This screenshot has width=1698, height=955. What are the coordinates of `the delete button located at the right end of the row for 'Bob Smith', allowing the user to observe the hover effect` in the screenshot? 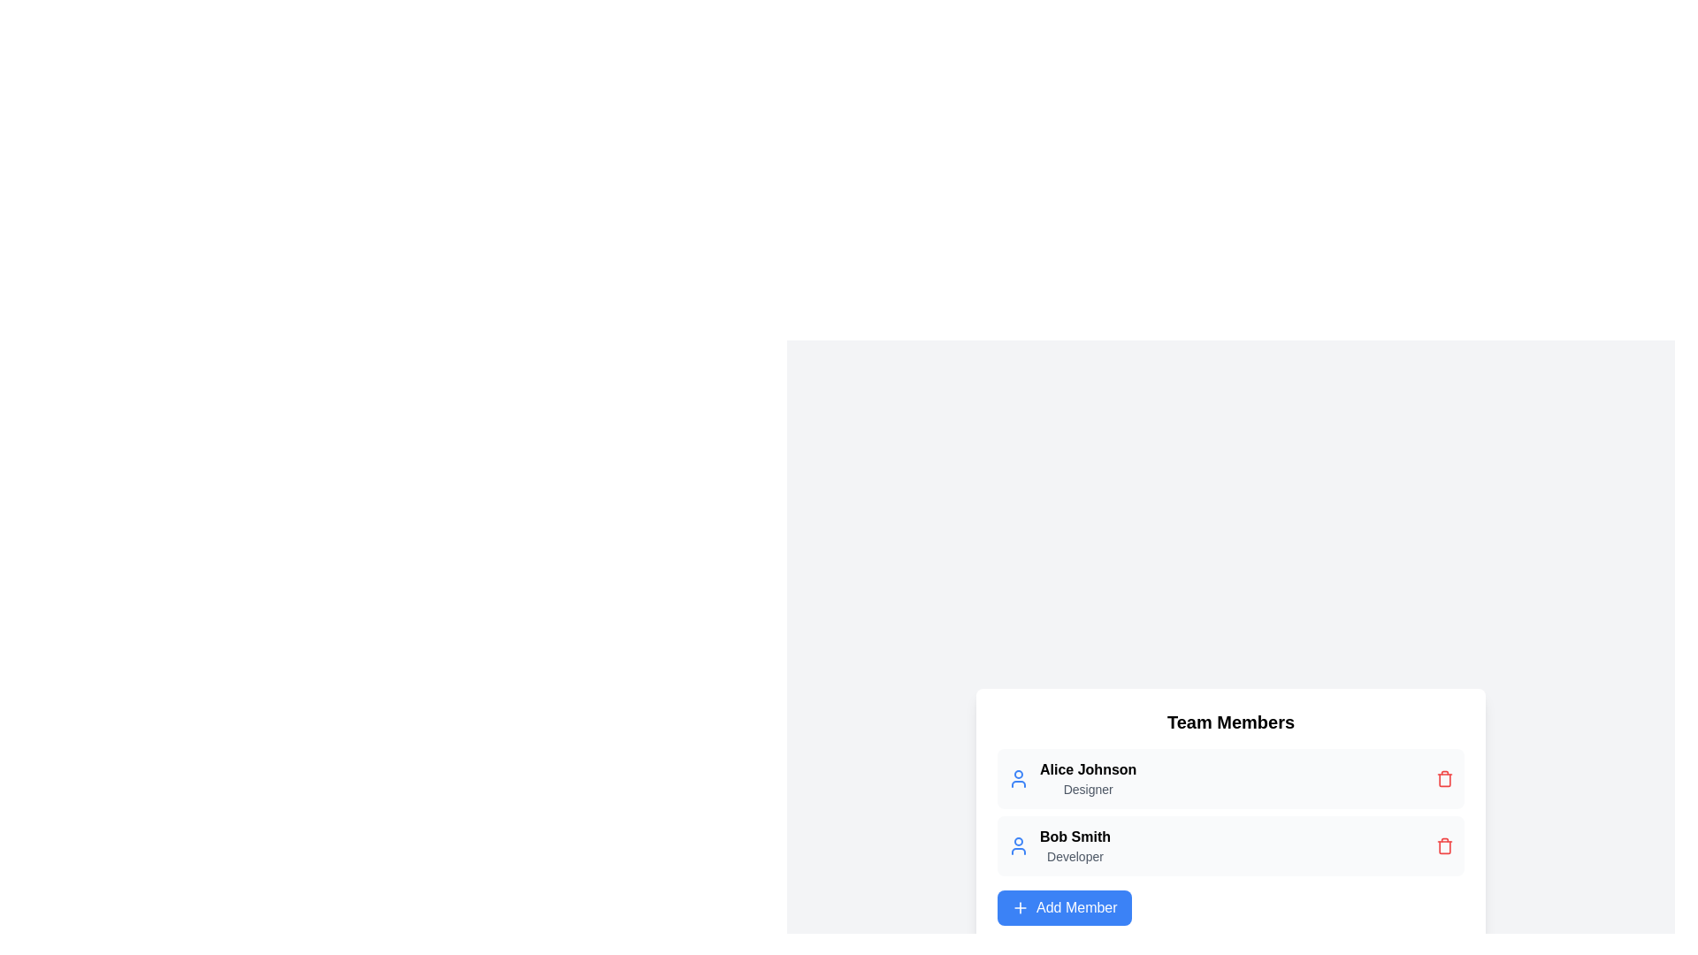 It's located at (1444, 844).